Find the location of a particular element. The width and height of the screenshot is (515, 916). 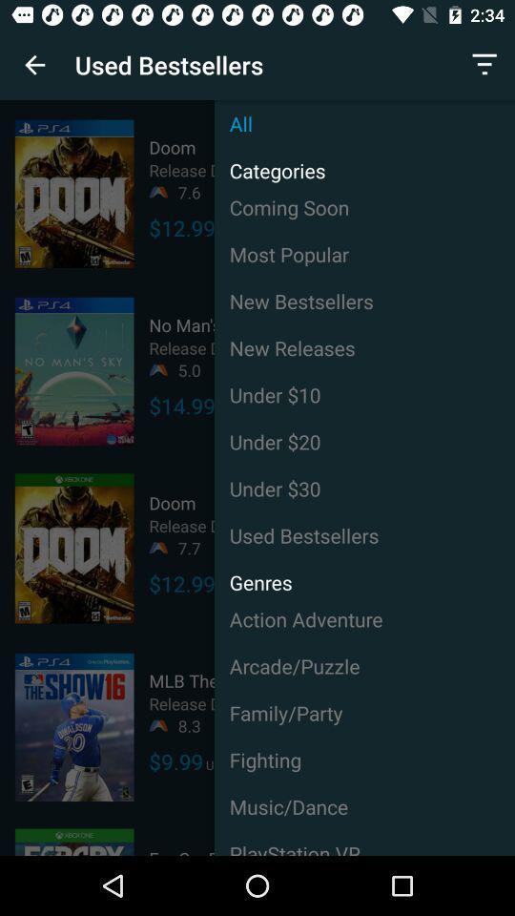

the app next to used bestsellers is located at coordinates (34, 65).